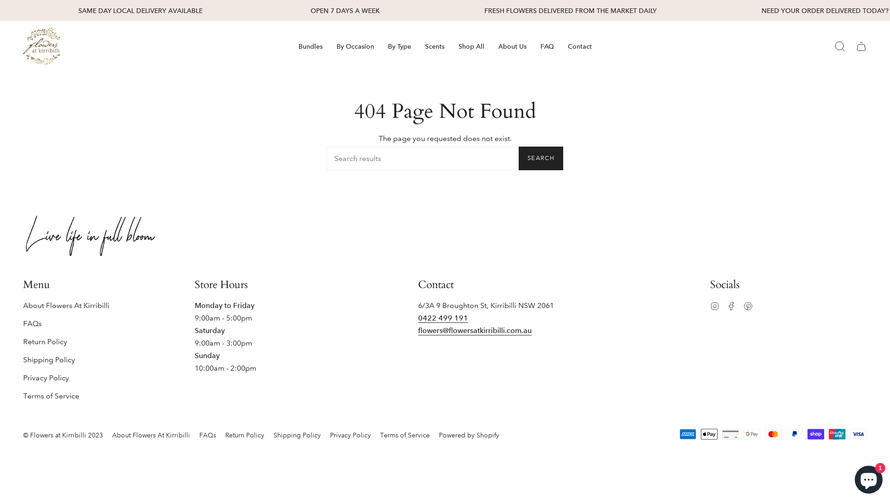  I want to click on 'Powered by Shopify', so click(469, 435).